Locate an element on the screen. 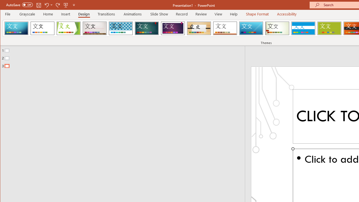  'Office Theme' is located at coordinates (42, 28).